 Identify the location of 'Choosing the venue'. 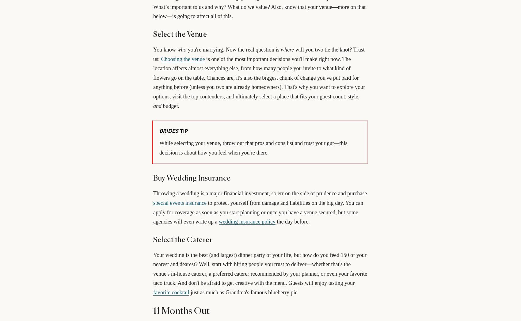
(161, 59).